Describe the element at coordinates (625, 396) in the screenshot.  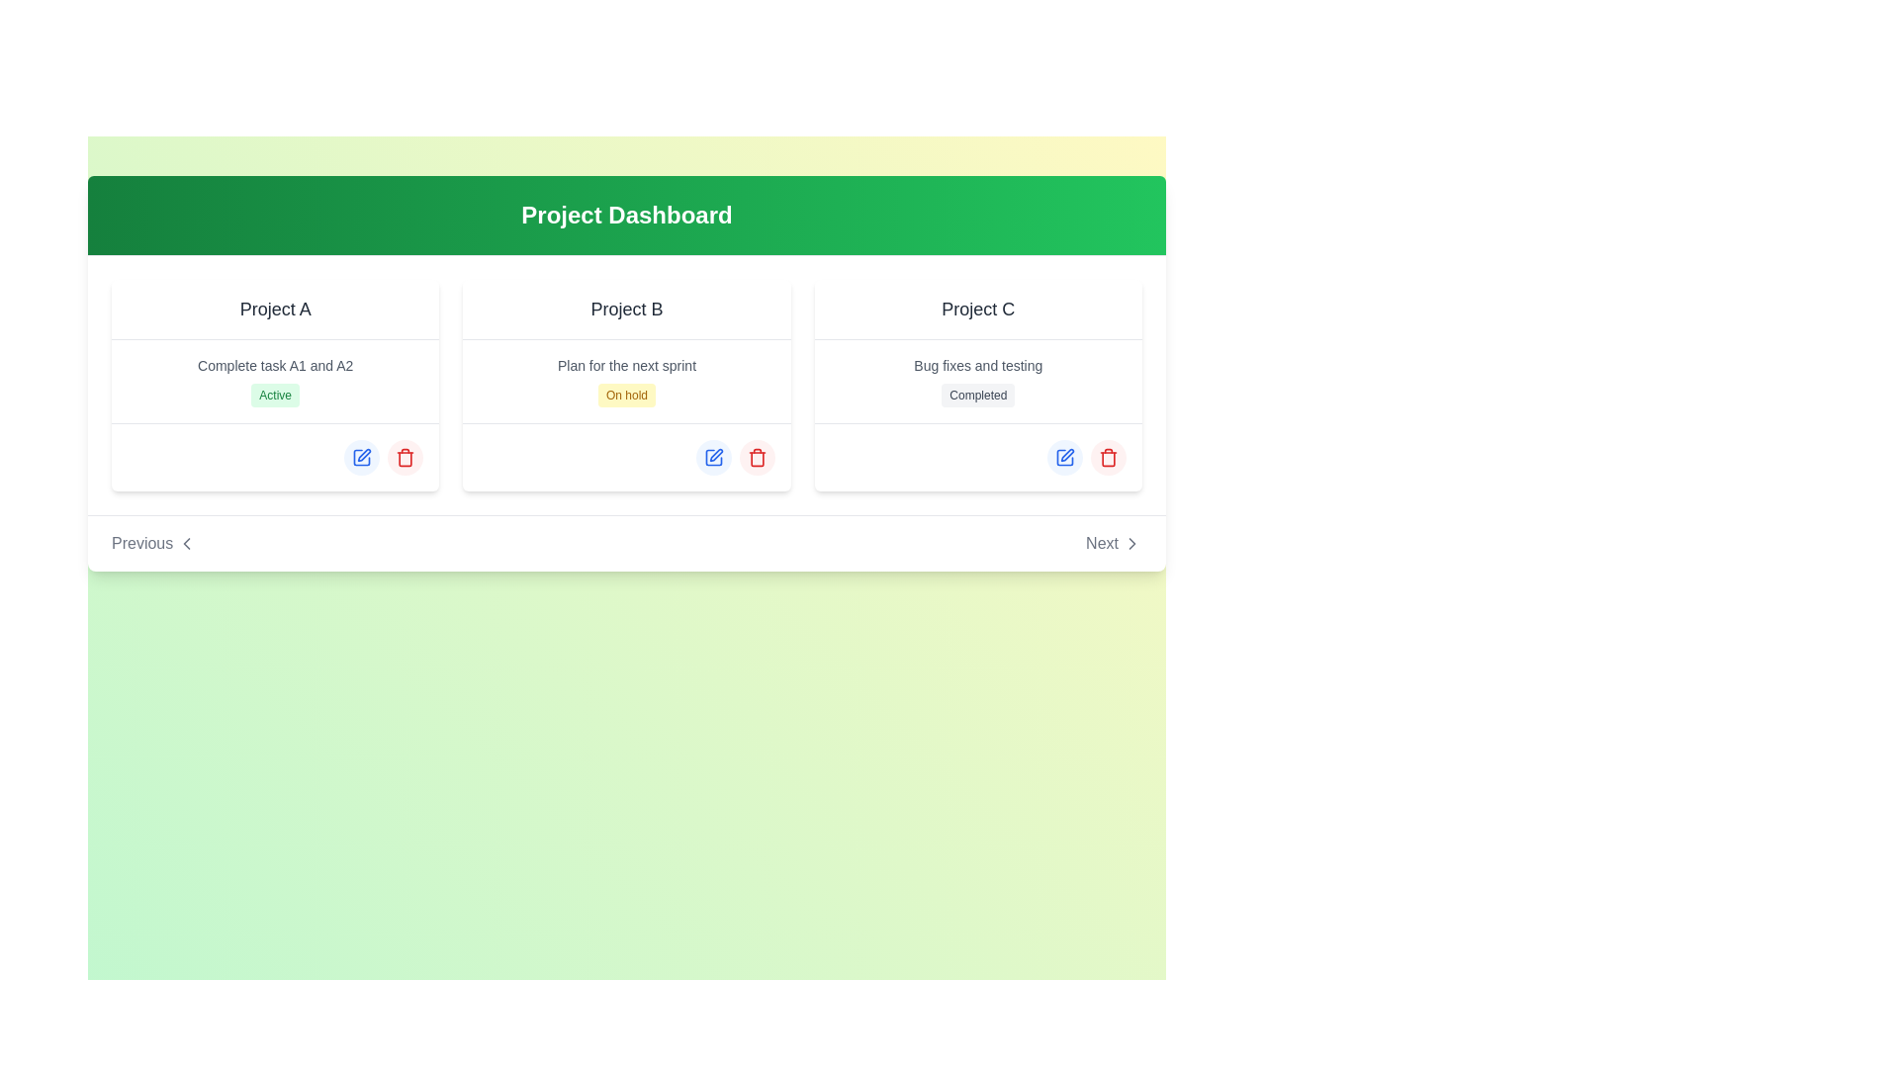
I see `the status badge indicating 'On hold' within the 'Project B' section of the dashboard, located beneath the header 'Plan for the next sprint'` at that location.